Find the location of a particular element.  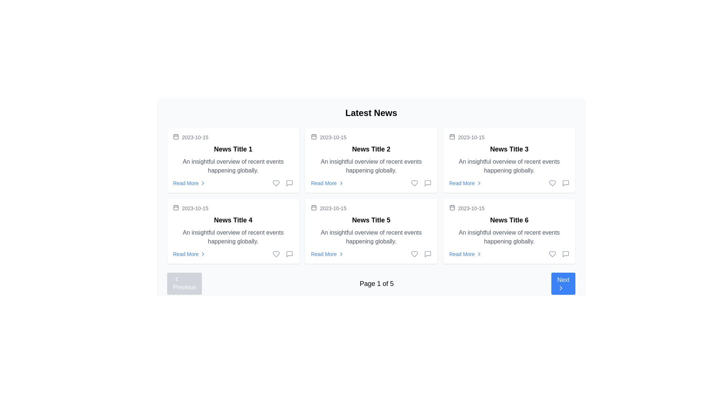

the 'Read More' hyperlink button located in the 'Latest News' section under 'News Title 3' is located at coordinates (465, 183).